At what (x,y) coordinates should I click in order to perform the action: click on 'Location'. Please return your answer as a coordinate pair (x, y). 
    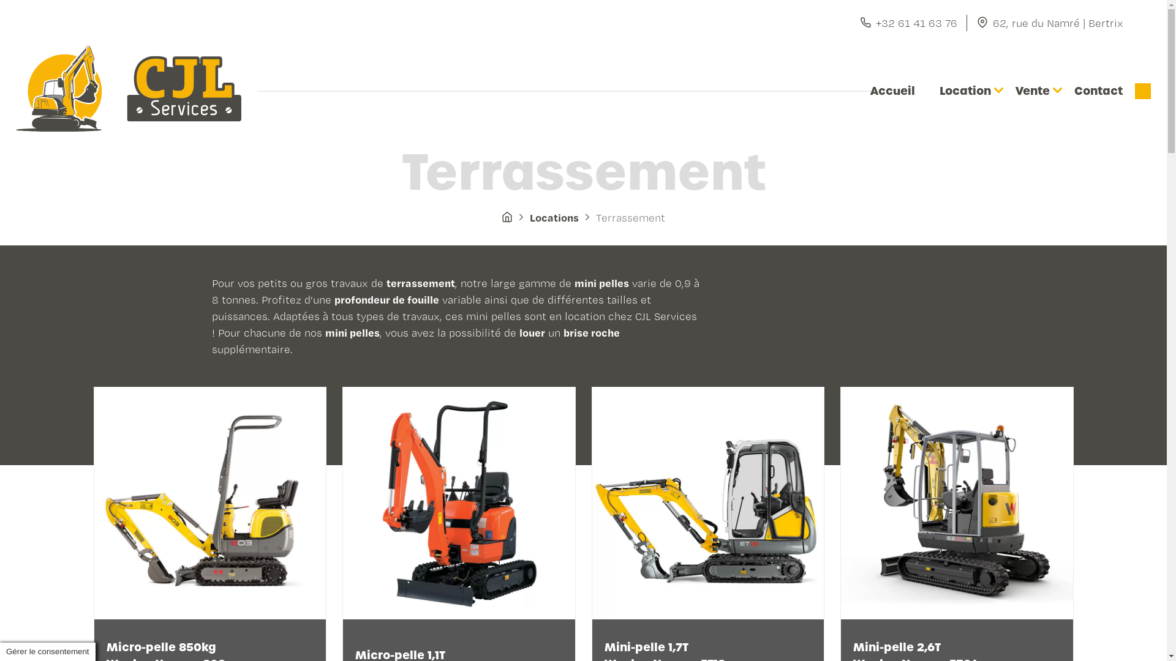
    Looking at the image, I should click on (964, 90).